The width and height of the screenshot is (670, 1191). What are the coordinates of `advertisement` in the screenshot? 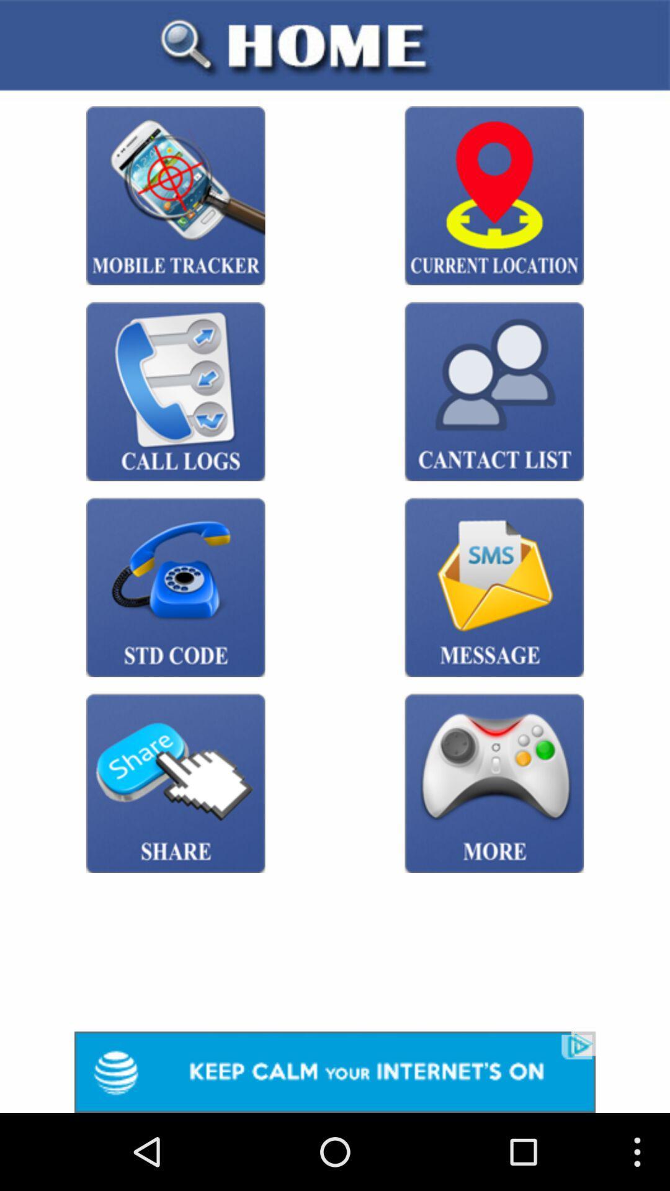 It's located at (335, 1071).